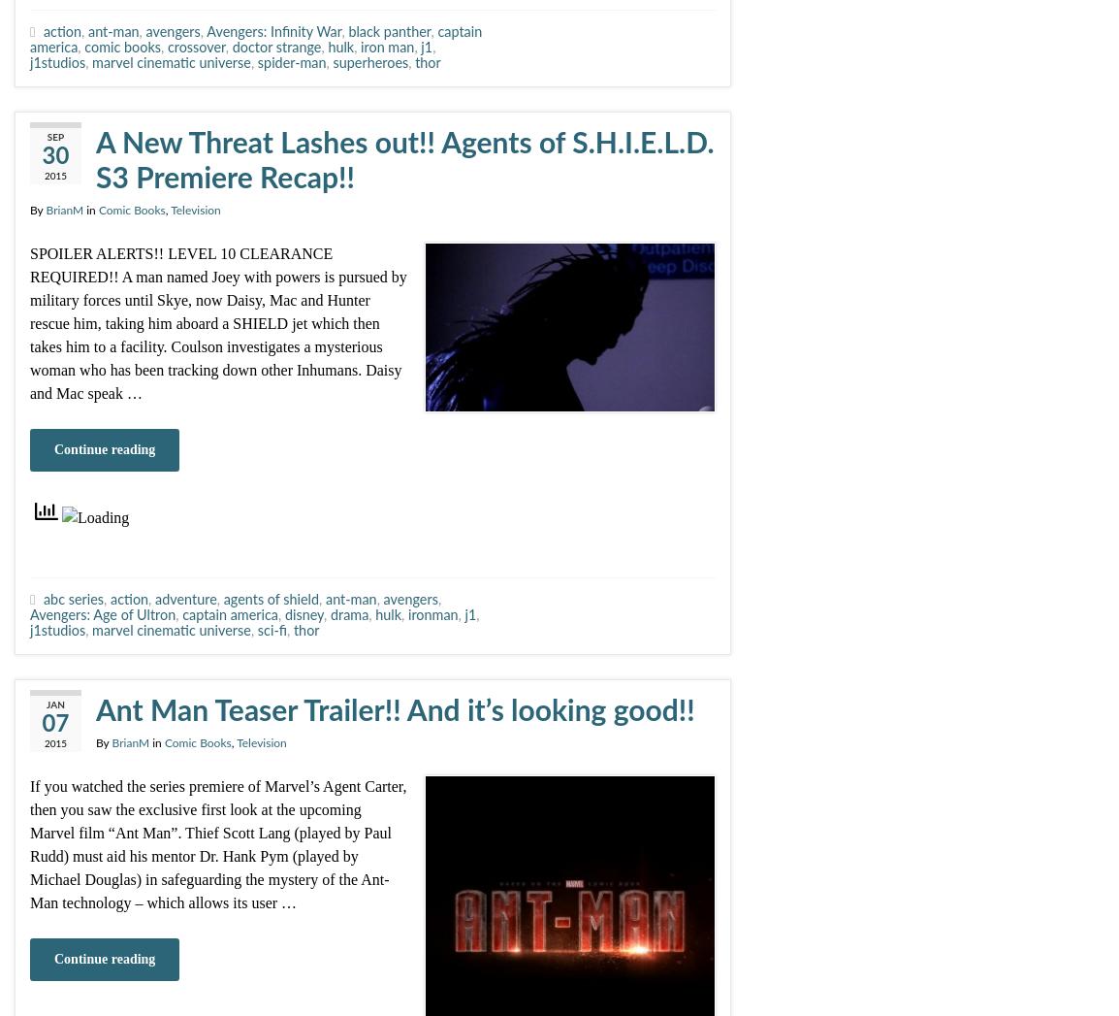 This screenshot has height=1016, width=1119. Describe the element at coordinates (41, 156) in the screenshot. I see `'30'` at that location.